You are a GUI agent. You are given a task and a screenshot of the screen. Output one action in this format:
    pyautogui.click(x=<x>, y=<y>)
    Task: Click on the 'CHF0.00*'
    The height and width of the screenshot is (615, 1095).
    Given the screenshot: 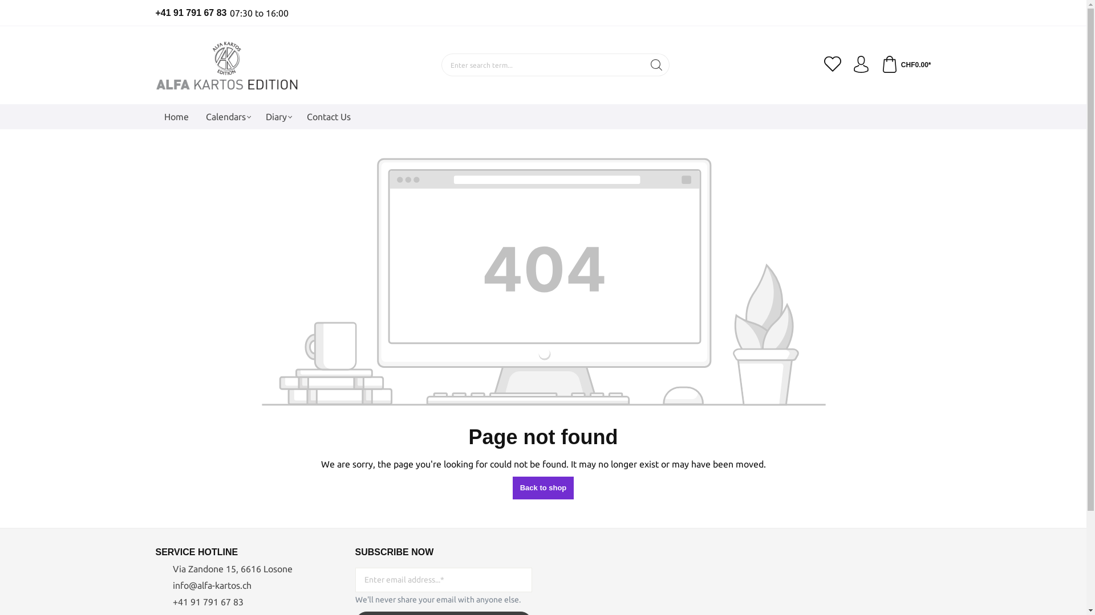 What is the action you would take?
    pyautogui.click(x=905, y=65)
    